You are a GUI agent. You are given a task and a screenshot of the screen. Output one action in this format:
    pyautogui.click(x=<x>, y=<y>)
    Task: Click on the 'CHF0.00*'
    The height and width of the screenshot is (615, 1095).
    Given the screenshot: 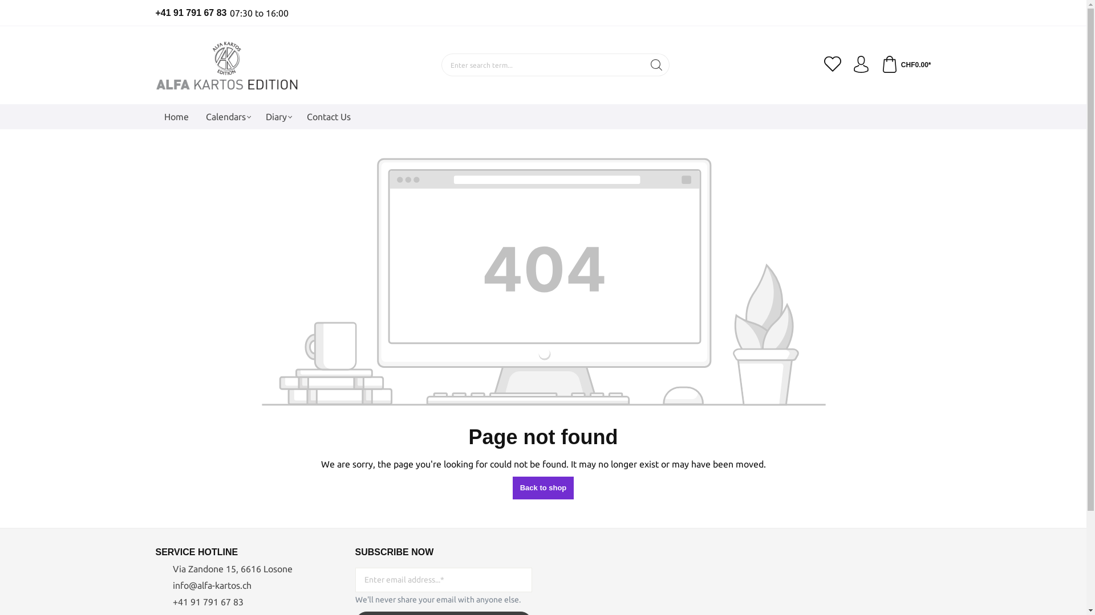 What is the action you would take?
    pyautogui.click(x=905, y=65)
    